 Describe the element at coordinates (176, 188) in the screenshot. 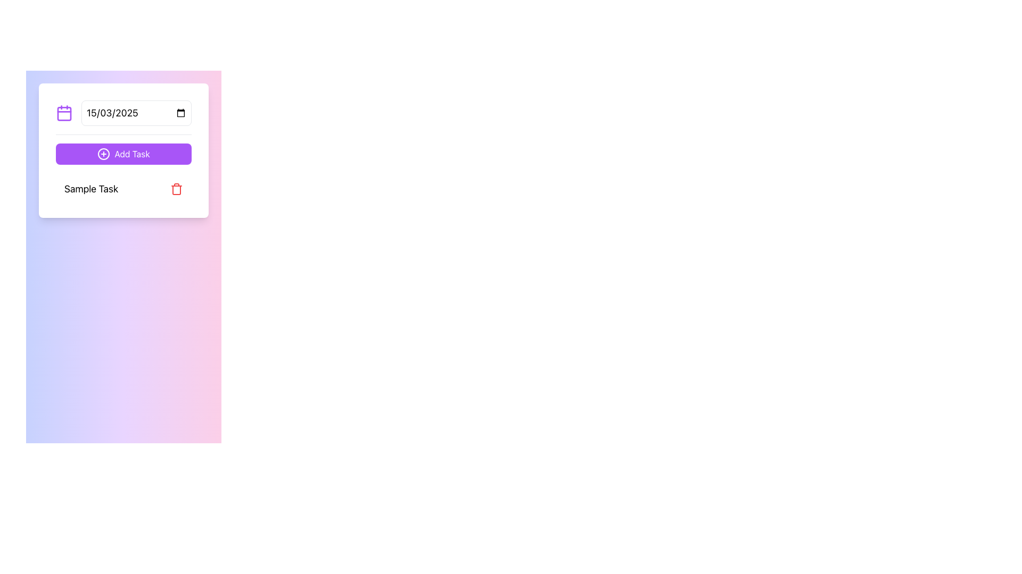

I see `the red trash can icon button located to the right of the text 'Sample Task'` at that location.